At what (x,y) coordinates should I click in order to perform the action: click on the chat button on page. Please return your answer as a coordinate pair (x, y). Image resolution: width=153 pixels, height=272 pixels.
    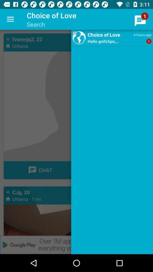
    Looking at the image, I should click on (40, 170).